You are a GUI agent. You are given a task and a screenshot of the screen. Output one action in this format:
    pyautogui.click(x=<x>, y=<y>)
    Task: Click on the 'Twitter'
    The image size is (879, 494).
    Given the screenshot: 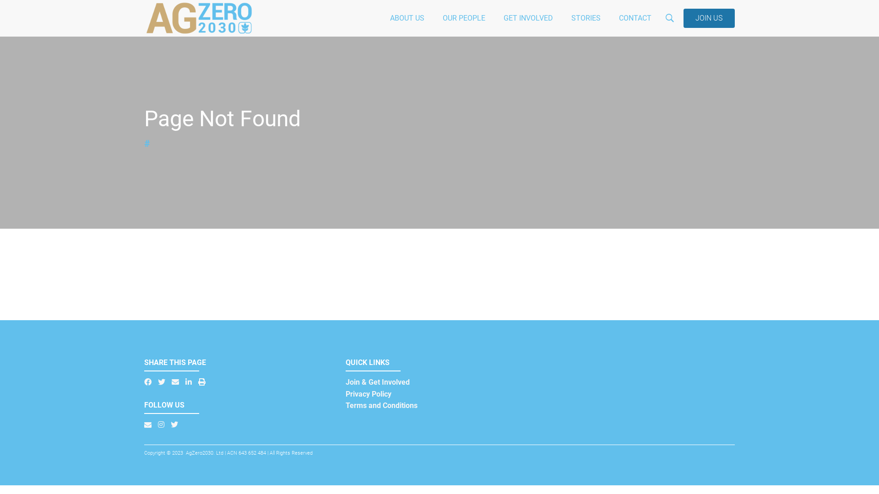 What is the action you would take?
    pyautogui.click(x=171, y=424)
    